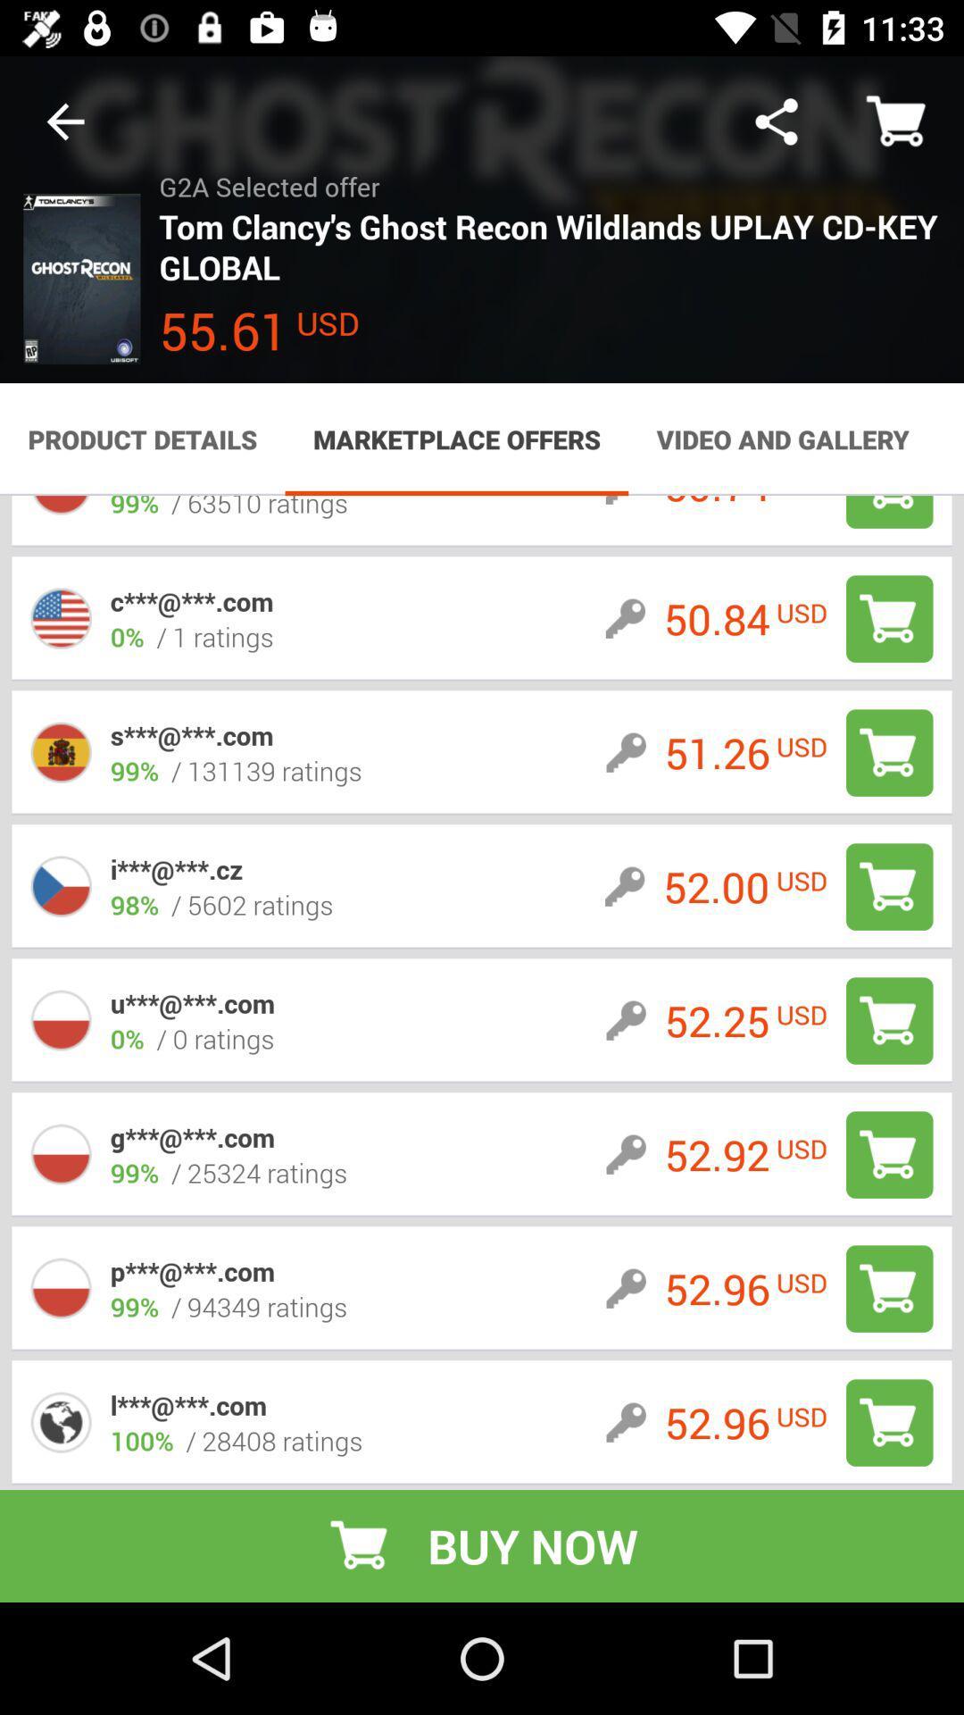 The width and height of the screenshot is (964, 1715). What do you see at coordinates (889, 753) in the screenshot?
I see `item to cart` at bounding box center [889, 753].